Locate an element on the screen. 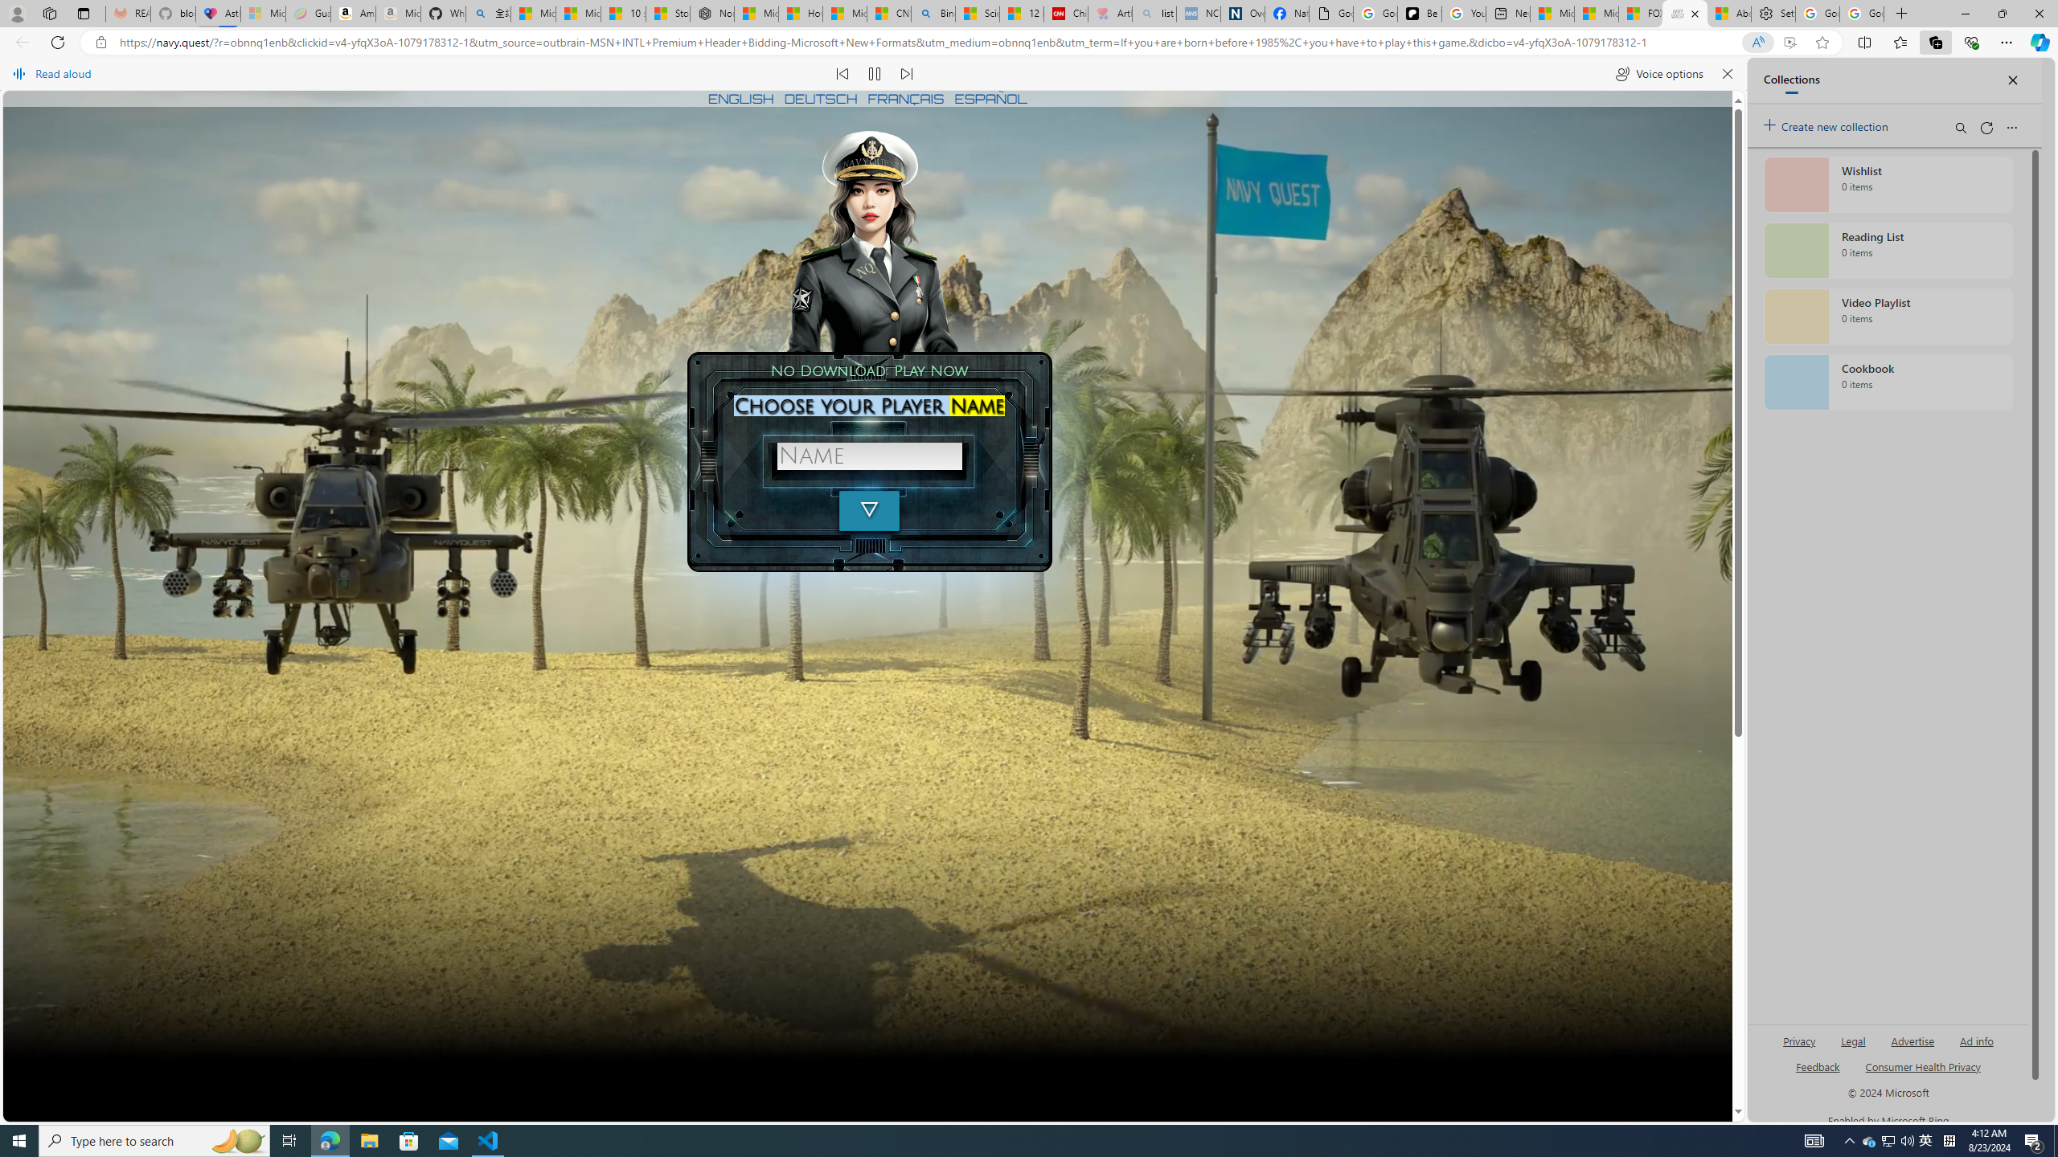  'Split screen' is located at coordinates (1864, 41).